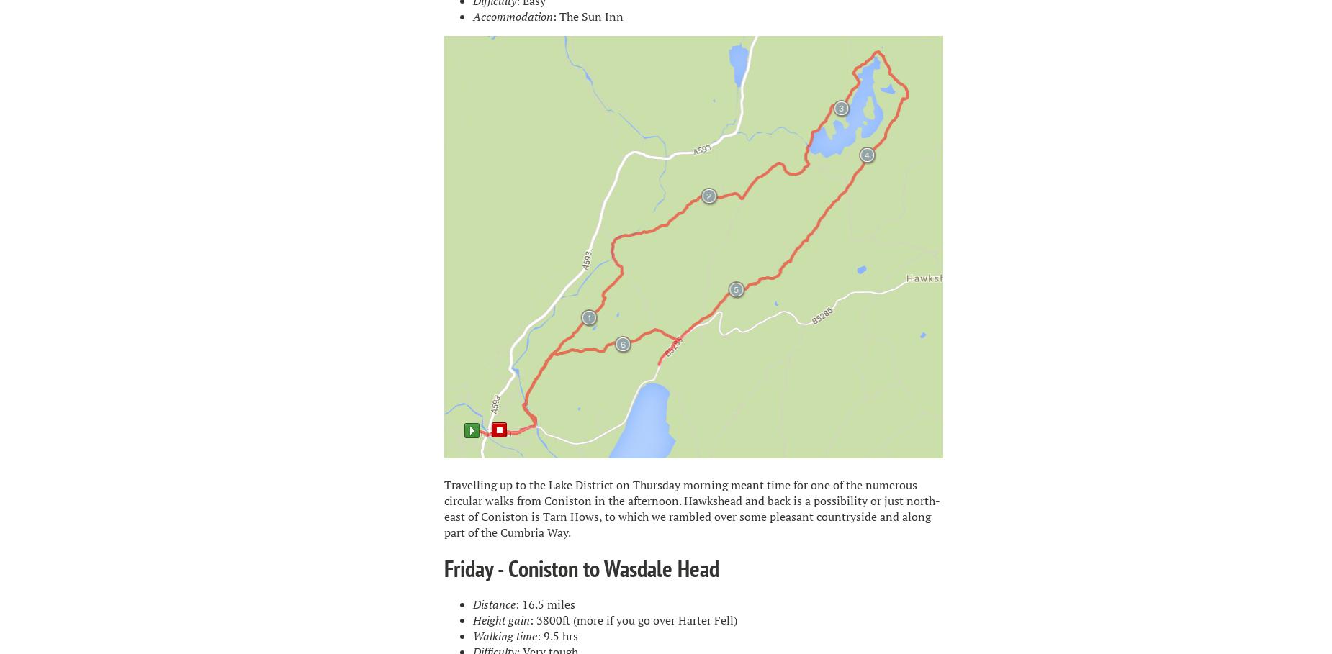  I want to click on ': 9.5 hrs', so click(536, 635).